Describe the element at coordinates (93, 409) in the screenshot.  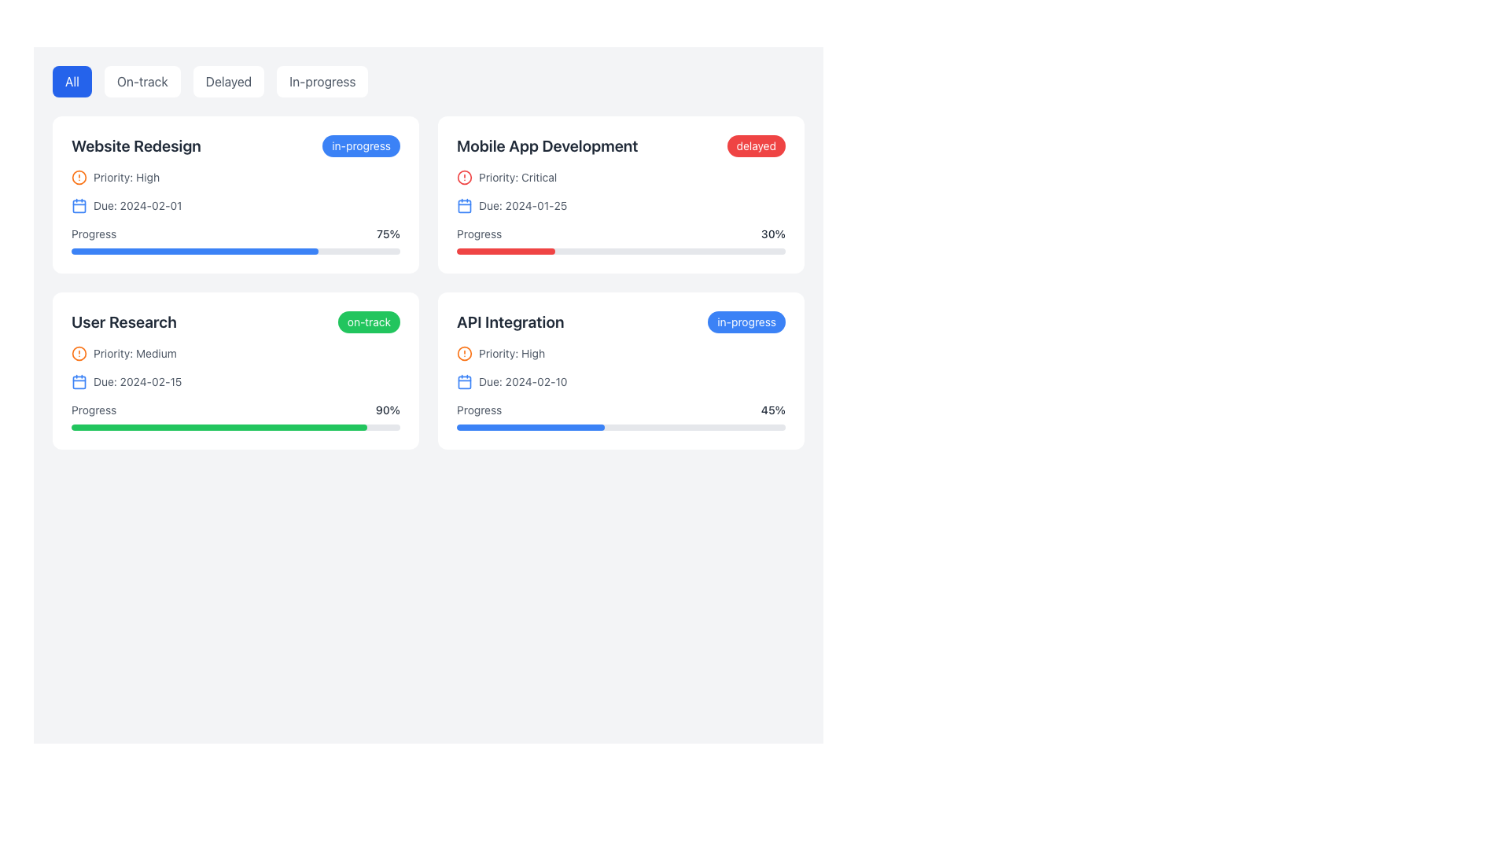
I see `text label that serves as a descriptor for the associated progress bar in the 'User Research' section card, positioned below the title and aligned left near the progress bar` at that location.